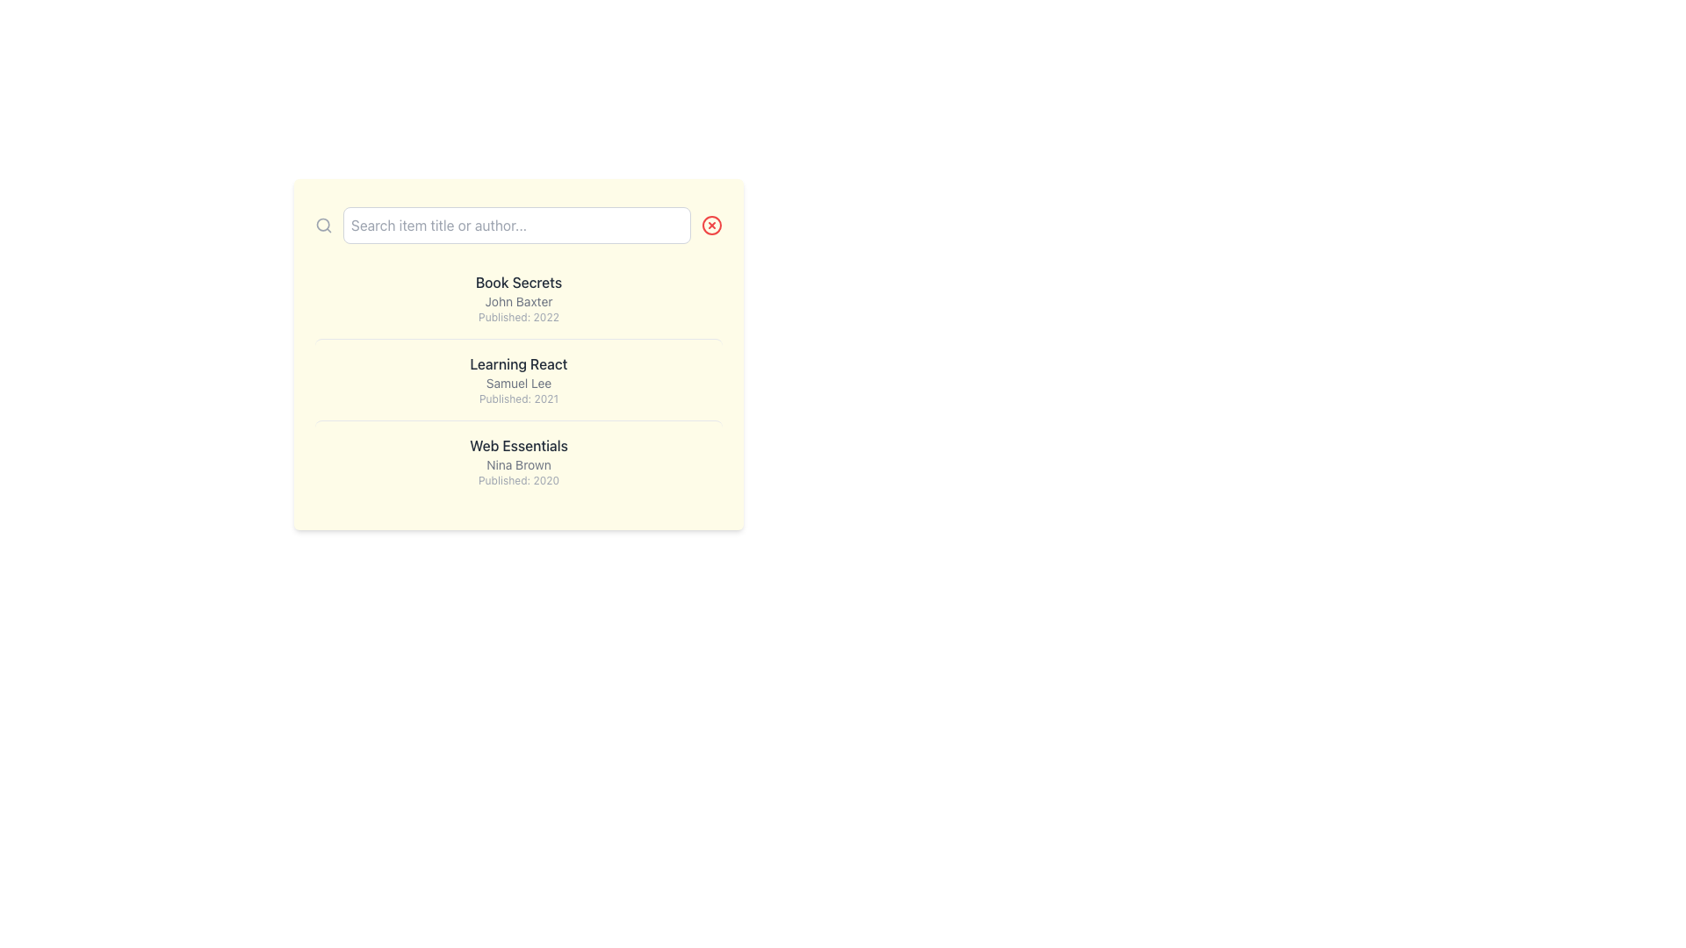  Describe the element at coordinates (517, 318) in the screenshot. I see `the text label that indicates the publication year of the book, which reads 'Published: 2022', positioned below the author name 'John Baxter'` at that location.